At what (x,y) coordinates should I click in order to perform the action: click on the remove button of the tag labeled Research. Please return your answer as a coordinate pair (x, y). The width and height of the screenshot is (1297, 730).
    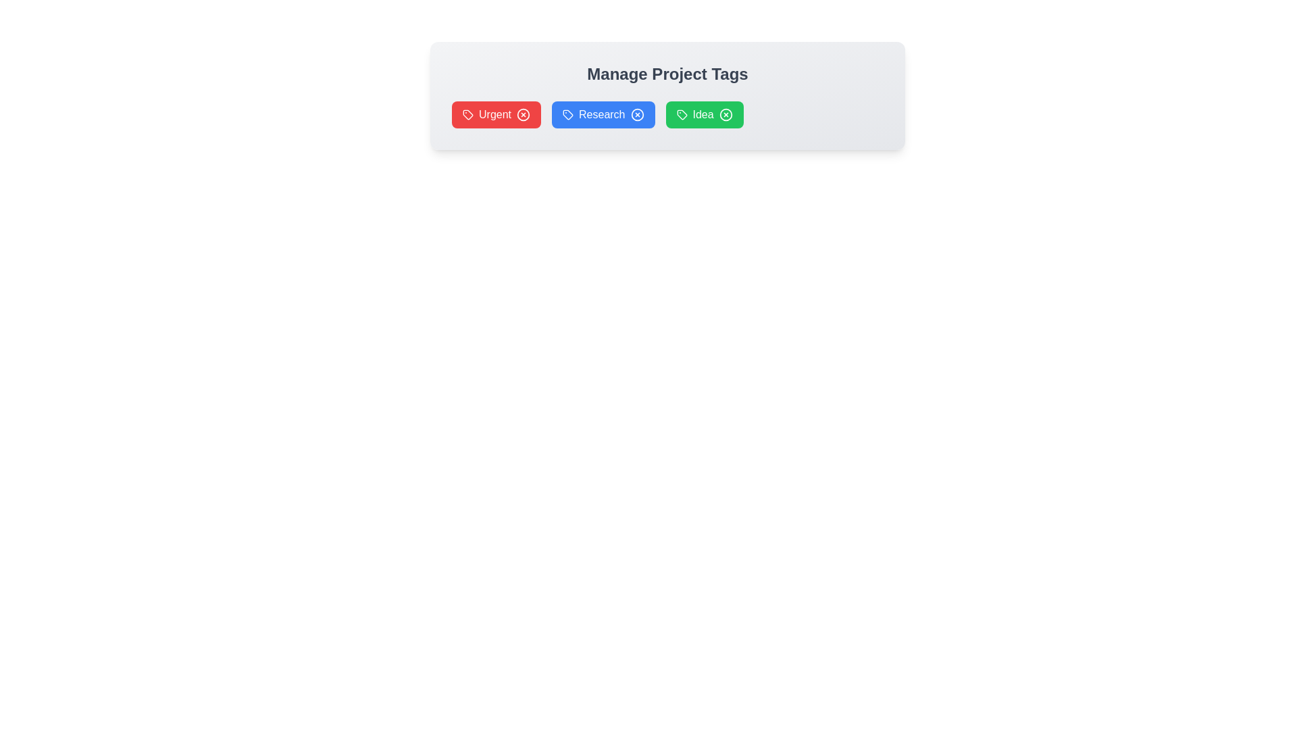
    Looking at the image, I should click on (636, 114).